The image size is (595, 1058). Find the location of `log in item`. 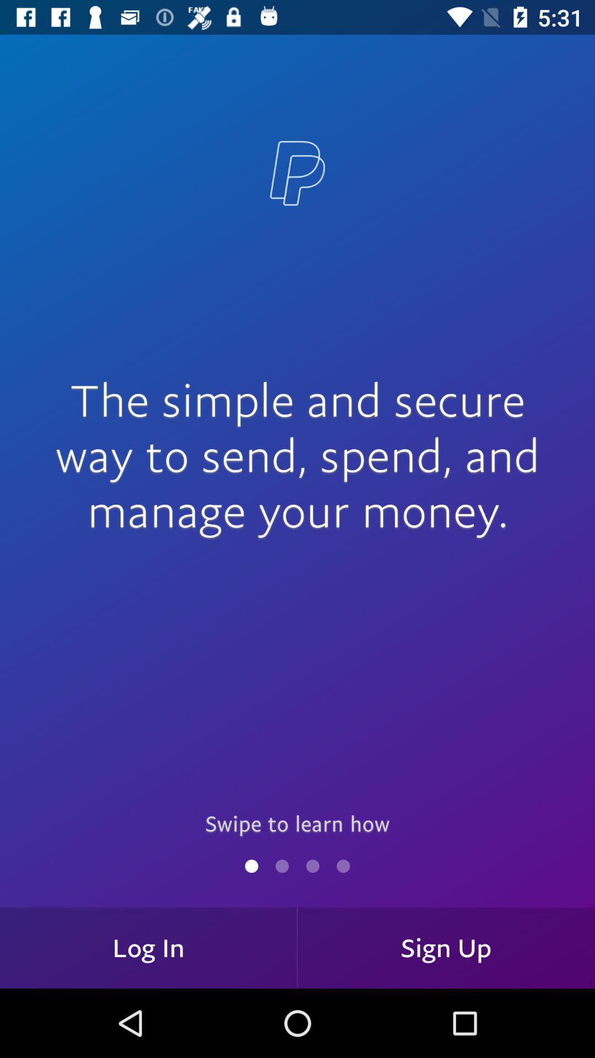

log in item is located at coordinates (148, 947).